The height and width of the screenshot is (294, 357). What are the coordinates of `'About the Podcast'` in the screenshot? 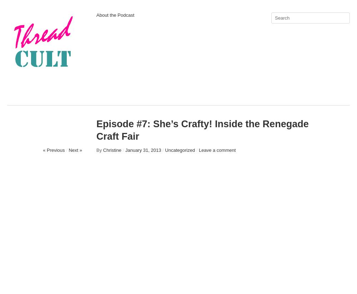 It's located at (115, 15).